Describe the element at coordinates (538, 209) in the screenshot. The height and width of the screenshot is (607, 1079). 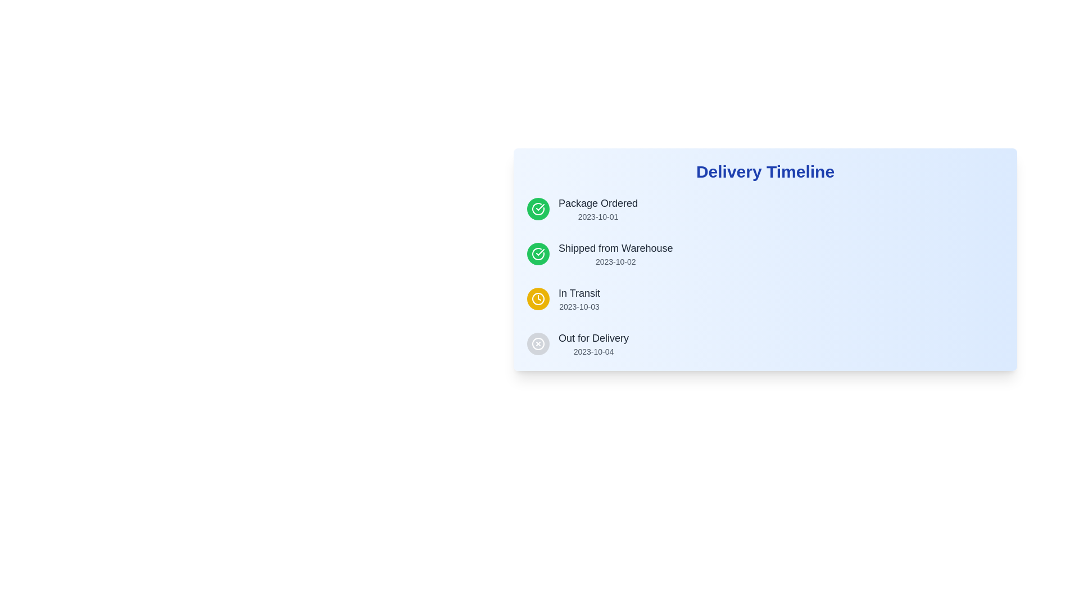
I see `the status representation of the 'Package Ordered' icon, which indicates a completed milestone in the delivery timeline, located to the left of the text 'Package Ordered' and the date '2023-10-01'` at that location.